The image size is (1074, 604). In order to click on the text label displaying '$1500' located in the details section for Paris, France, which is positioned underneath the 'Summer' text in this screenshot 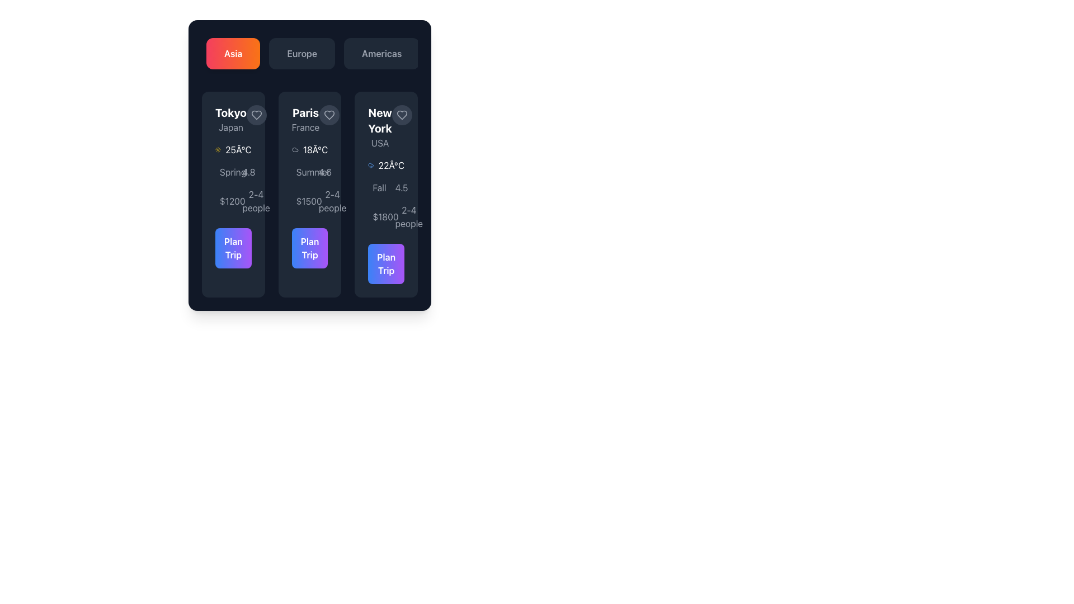, I will do `click(309, 200)`.